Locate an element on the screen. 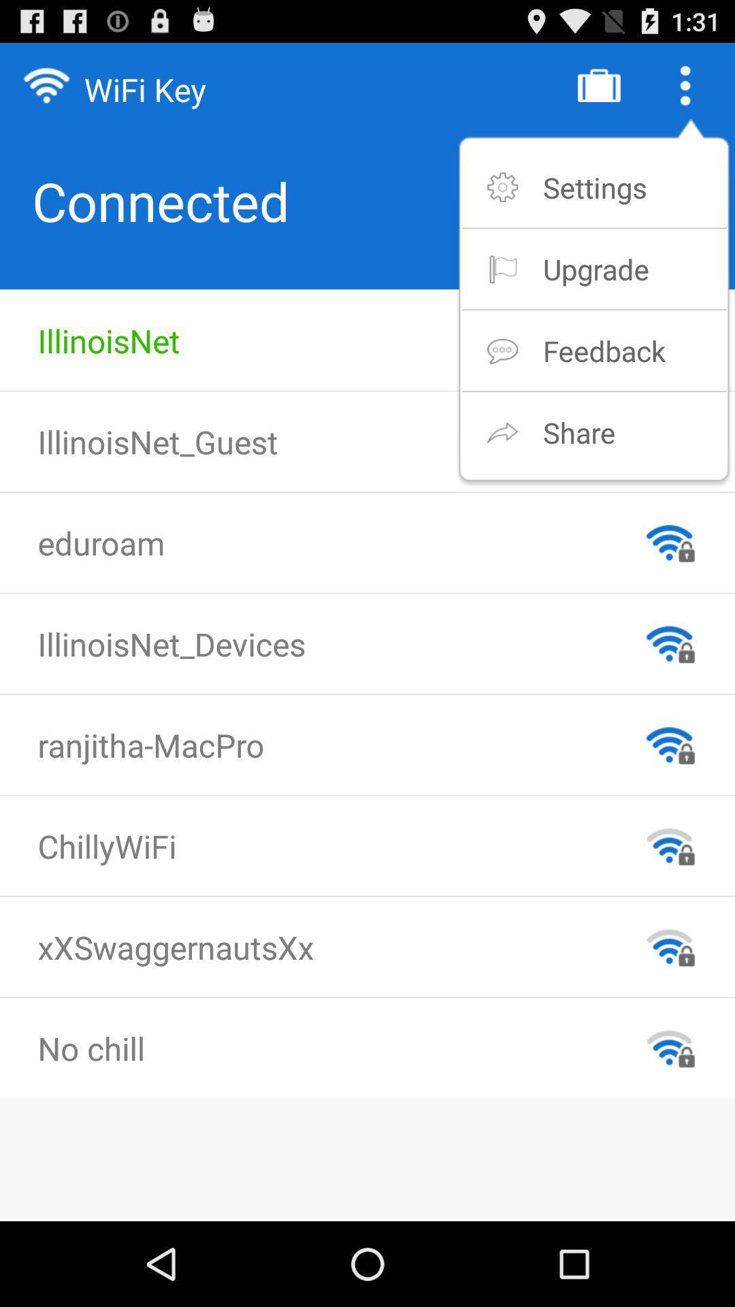  the icon below feedback is located at coordinates (579, 432).